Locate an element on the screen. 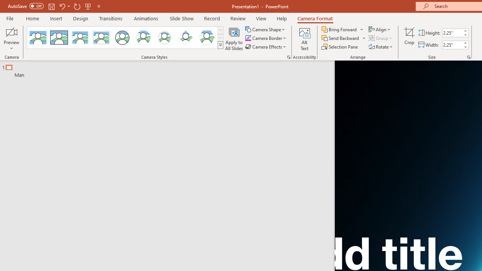 This screenshot has height=271, width=482. 'Send Backward' is located at coordinates (340, 38).